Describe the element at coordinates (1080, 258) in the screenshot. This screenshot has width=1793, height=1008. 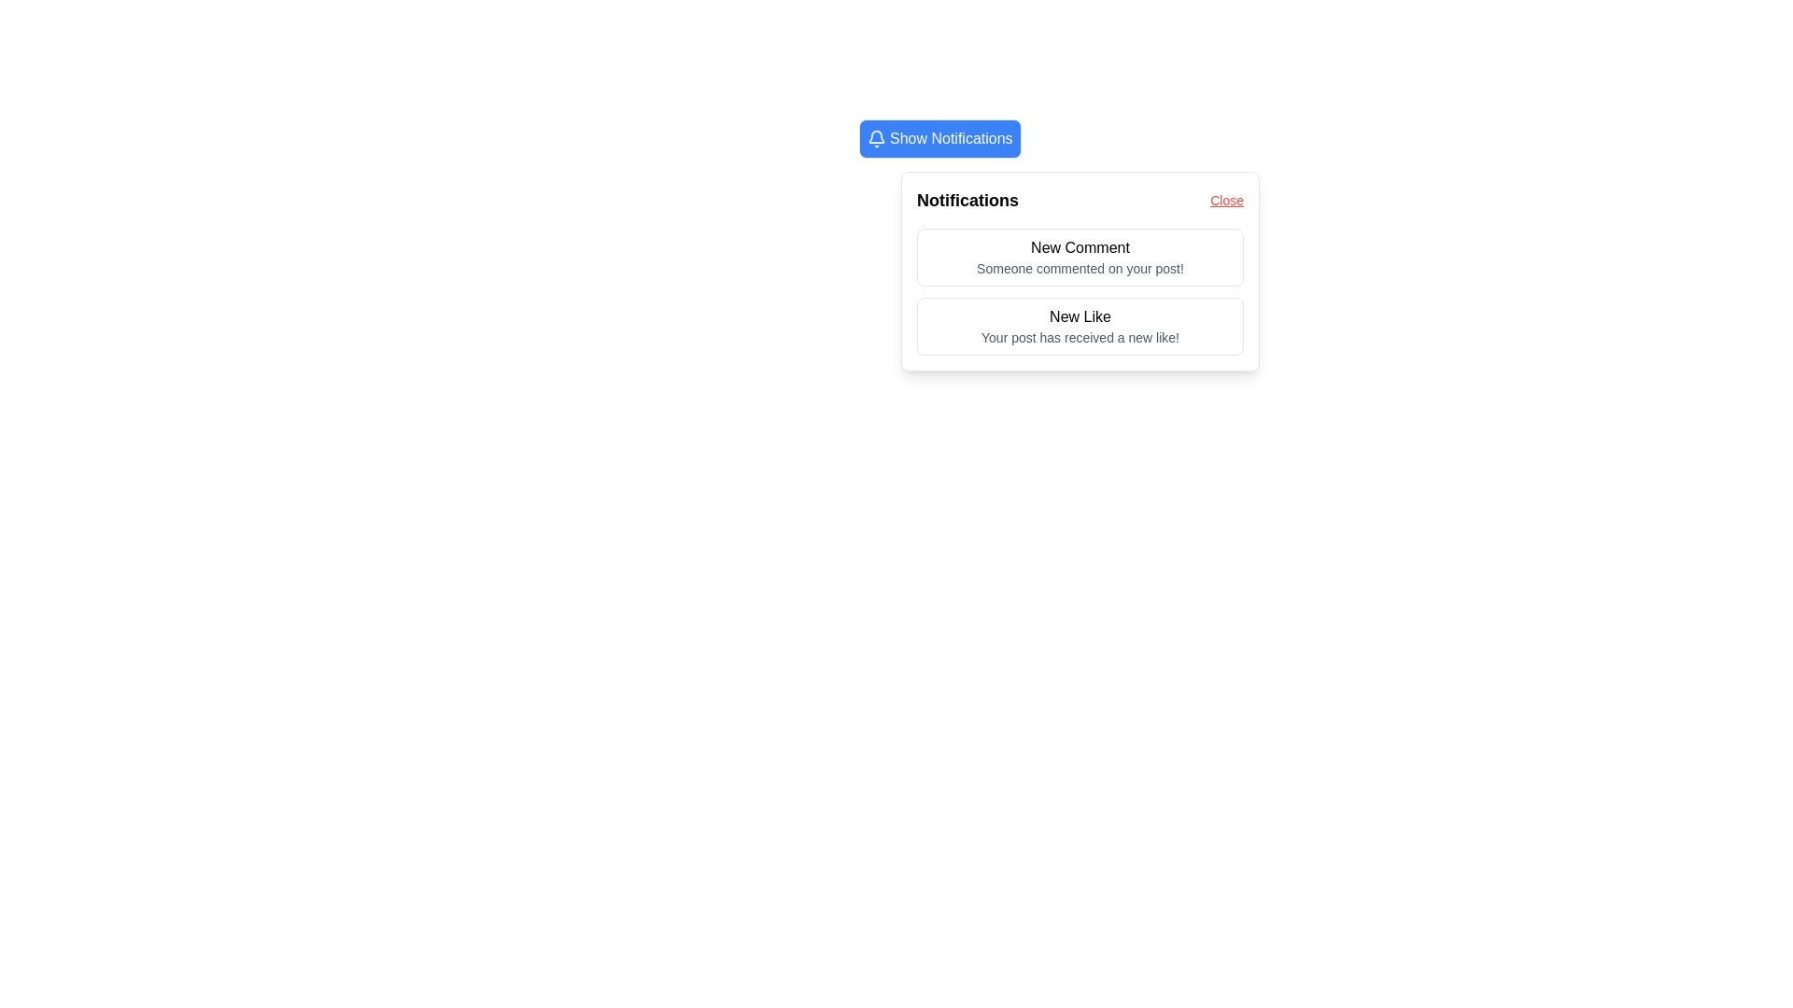
I see `the Notification box displaying 'New Comment' to mark it as read` at that location.